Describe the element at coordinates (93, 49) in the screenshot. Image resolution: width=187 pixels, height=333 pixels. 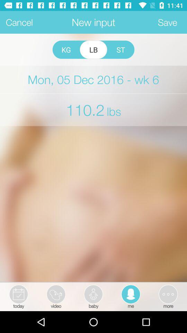
I see `lb icon` at that location.